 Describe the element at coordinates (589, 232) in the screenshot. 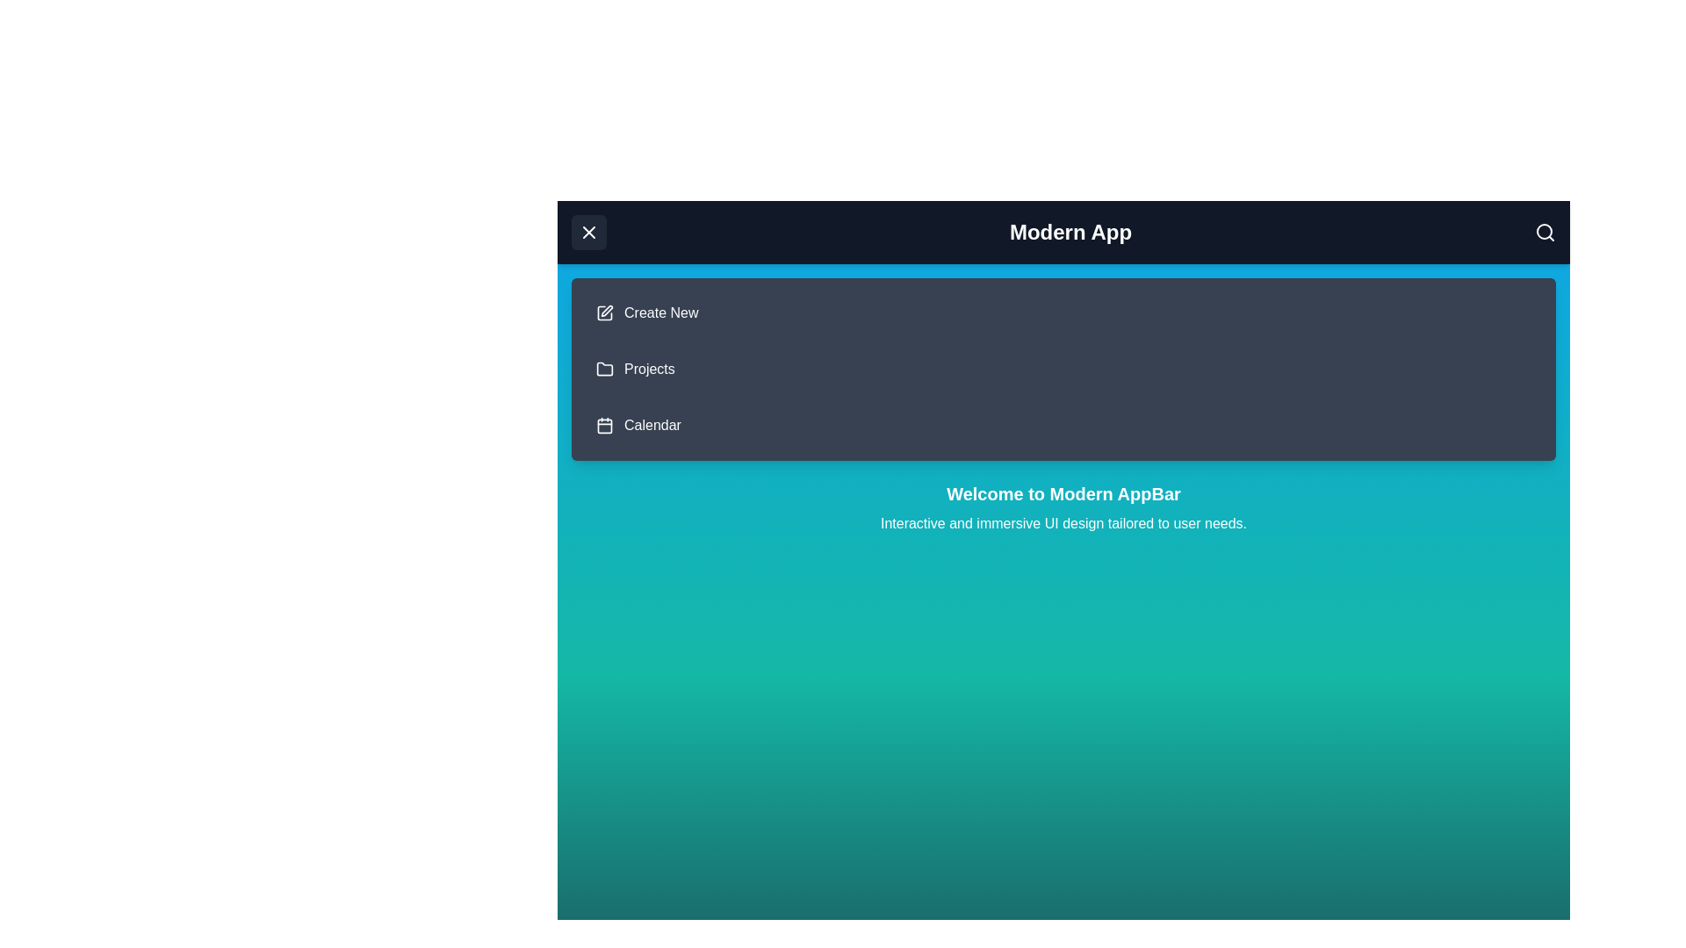

I see `toggle button in the top-left corner of the app bar to toggle the menu visibility` at that location.